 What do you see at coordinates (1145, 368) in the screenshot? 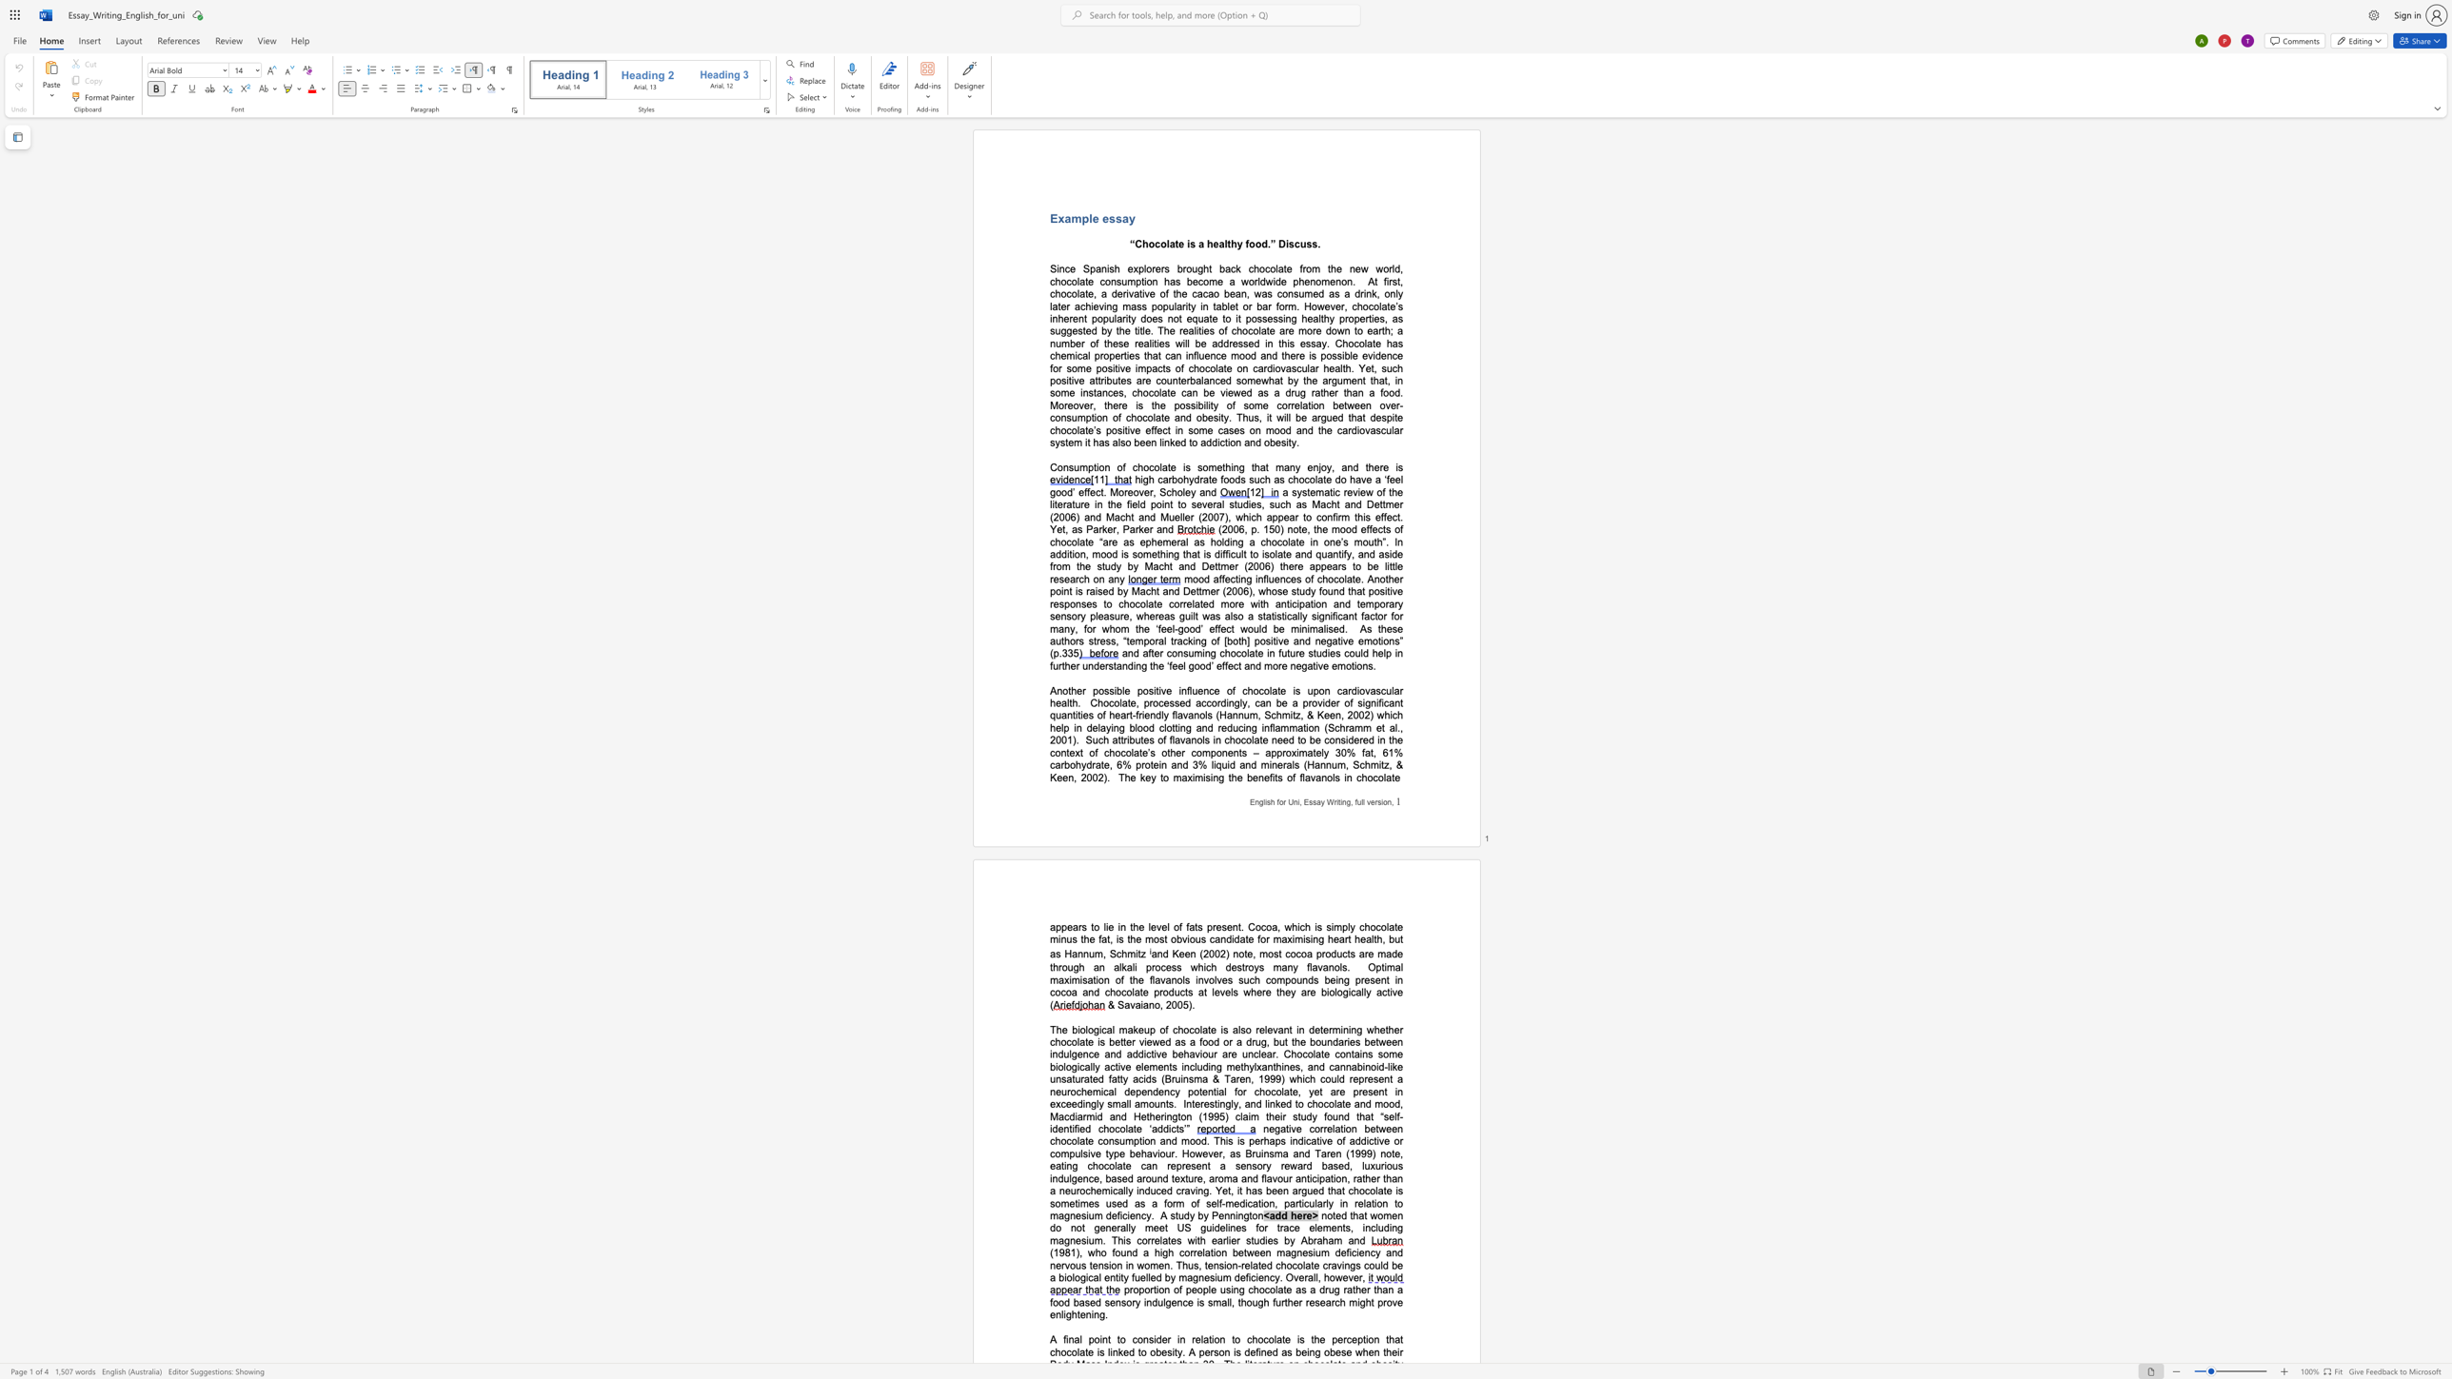
I see `the space between the continuous character "m" and "p" in the text` at bounding box center [1145, 368].